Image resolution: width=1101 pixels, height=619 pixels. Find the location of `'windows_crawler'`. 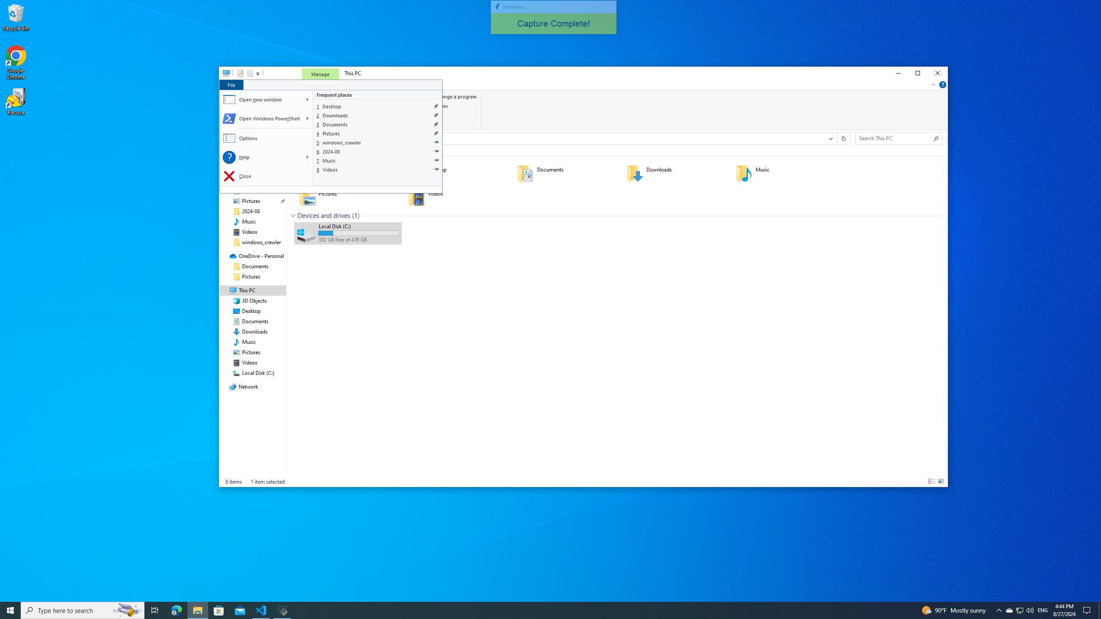

'windows_crawler' is located at coordinates (378, 142).